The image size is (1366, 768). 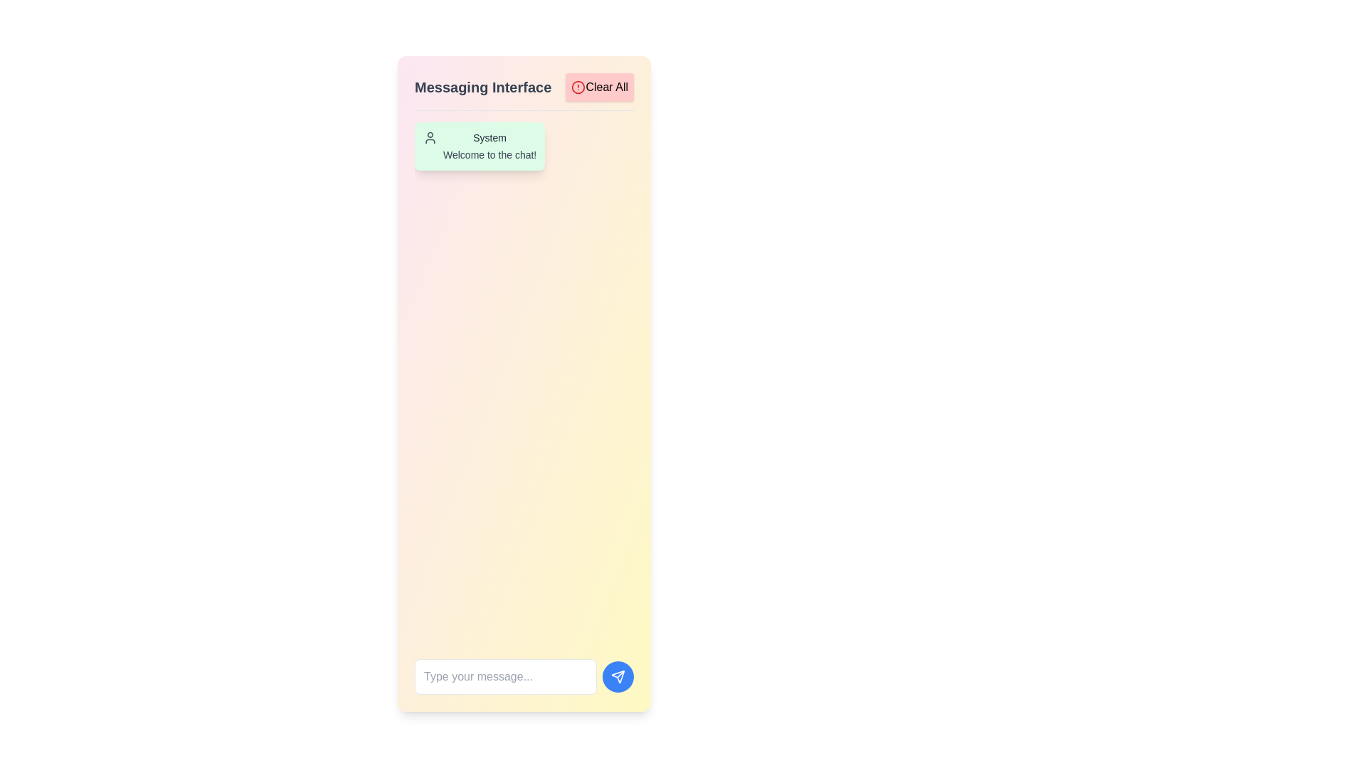 What do you see at coordinates (524, 146) in the screenshot?
I see `the informational text area with a chat bubble icon that contains the text 'System' and 'Welcome to the chat!', located in the chat area near the top of the interface` at bounding box center [524, 146].